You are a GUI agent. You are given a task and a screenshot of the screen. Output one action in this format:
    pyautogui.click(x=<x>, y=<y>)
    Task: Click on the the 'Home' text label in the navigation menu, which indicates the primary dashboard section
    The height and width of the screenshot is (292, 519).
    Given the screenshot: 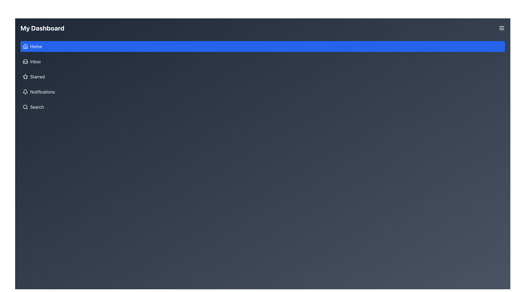 What is the action you would take?
    pyautogui.click(x=36, y=46)
    